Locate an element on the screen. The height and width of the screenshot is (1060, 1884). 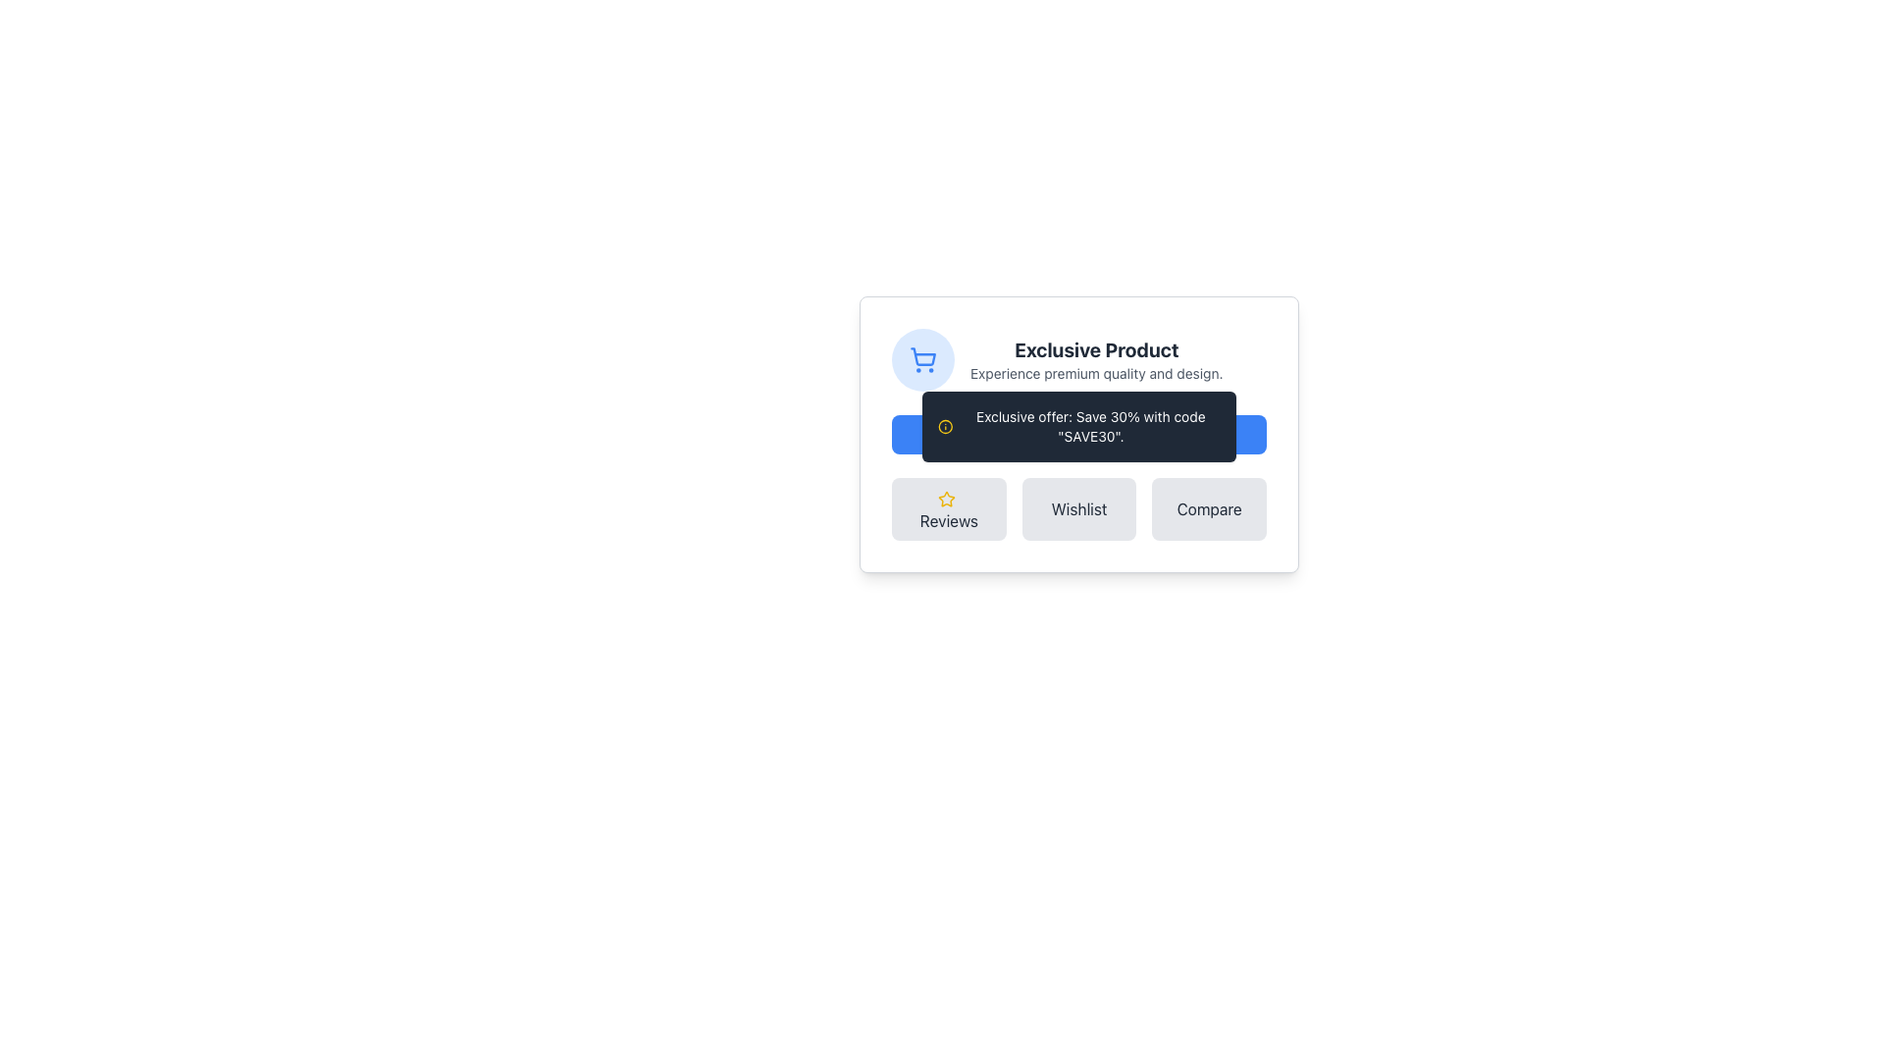
the text element that displays 'Experience premium quality and design.' which is styled with a smaller grey font and located below the 'Exclusive Product' heading is located at coordinates (1095, 374).